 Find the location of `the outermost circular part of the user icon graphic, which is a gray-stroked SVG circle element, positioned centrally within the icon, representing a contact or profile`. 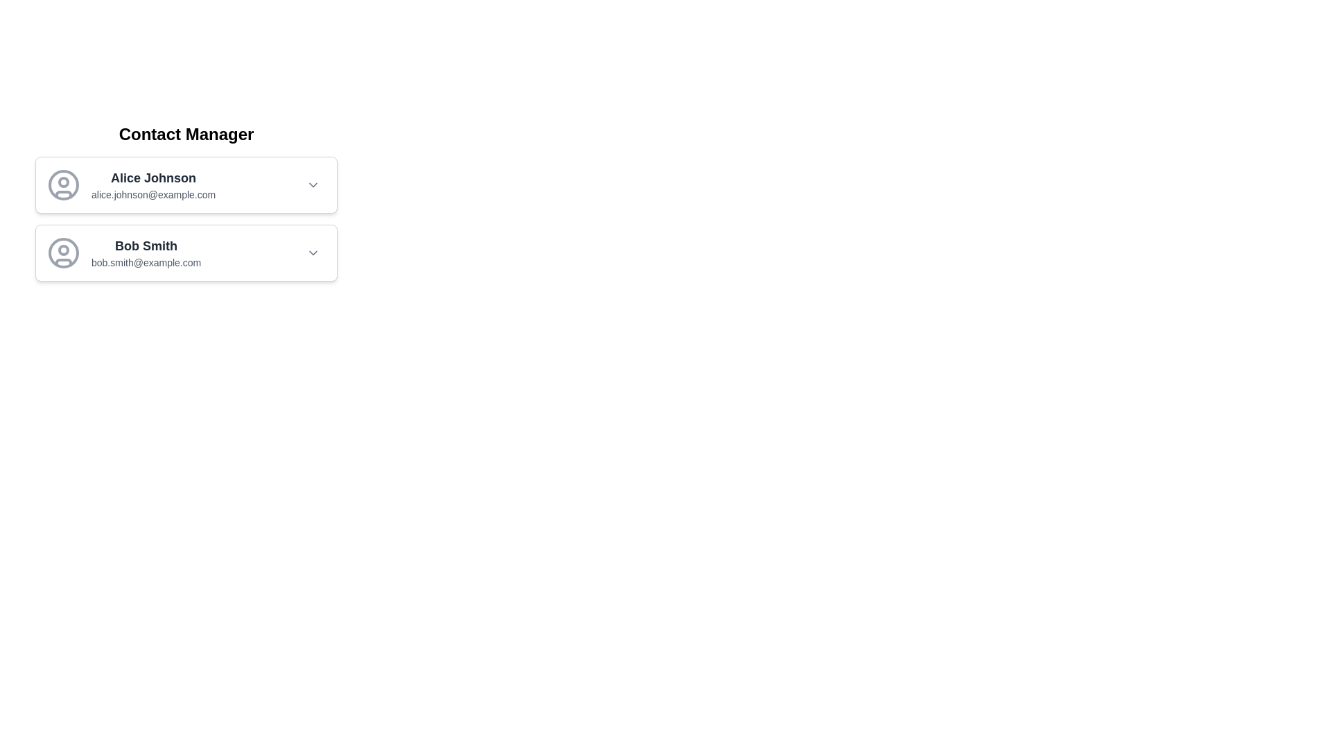

the outermost circular part of the user icon graphic, which is a gray-stroked SVG circle element, positioned centrally within the icon, representing a contact or profile is located at coordinates (62, 184).